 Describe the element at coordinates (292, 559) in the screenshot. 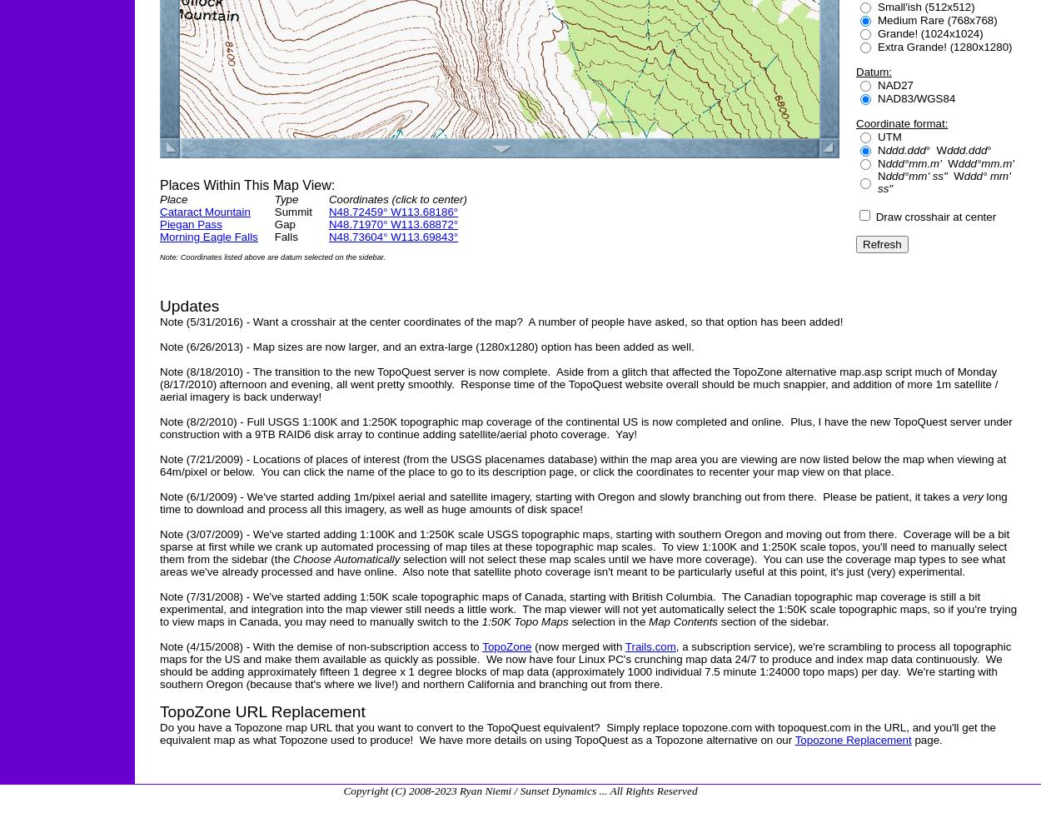

I see `'Choose Automatically'` at that location.